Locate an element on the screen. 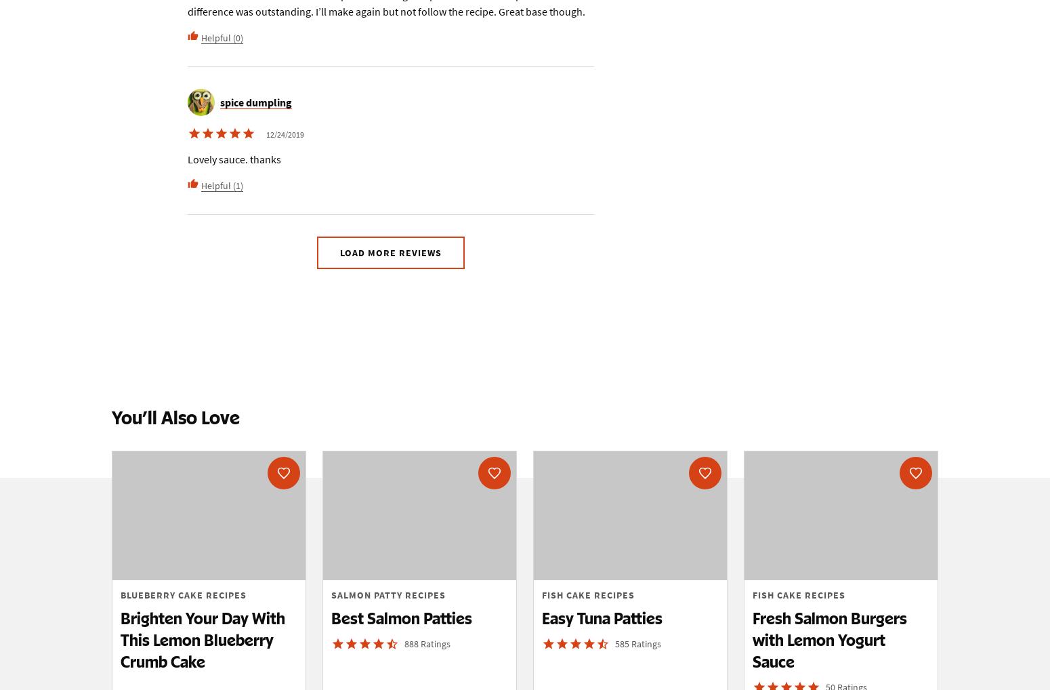  'Fresh Salmon Burgers with Lemon Yogurt Sauce' is located at coordinates (829, 638).